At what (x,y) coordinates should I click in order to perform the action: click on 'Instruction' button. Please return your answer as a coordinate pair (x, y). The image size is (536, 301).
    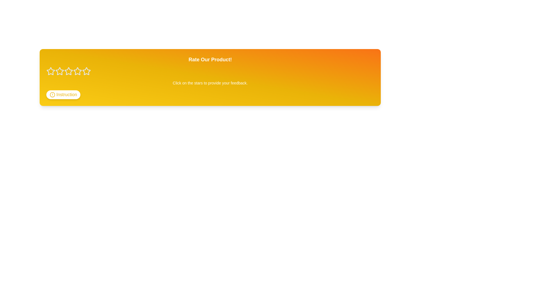
    Looking at the image, I should click on (63, 94).